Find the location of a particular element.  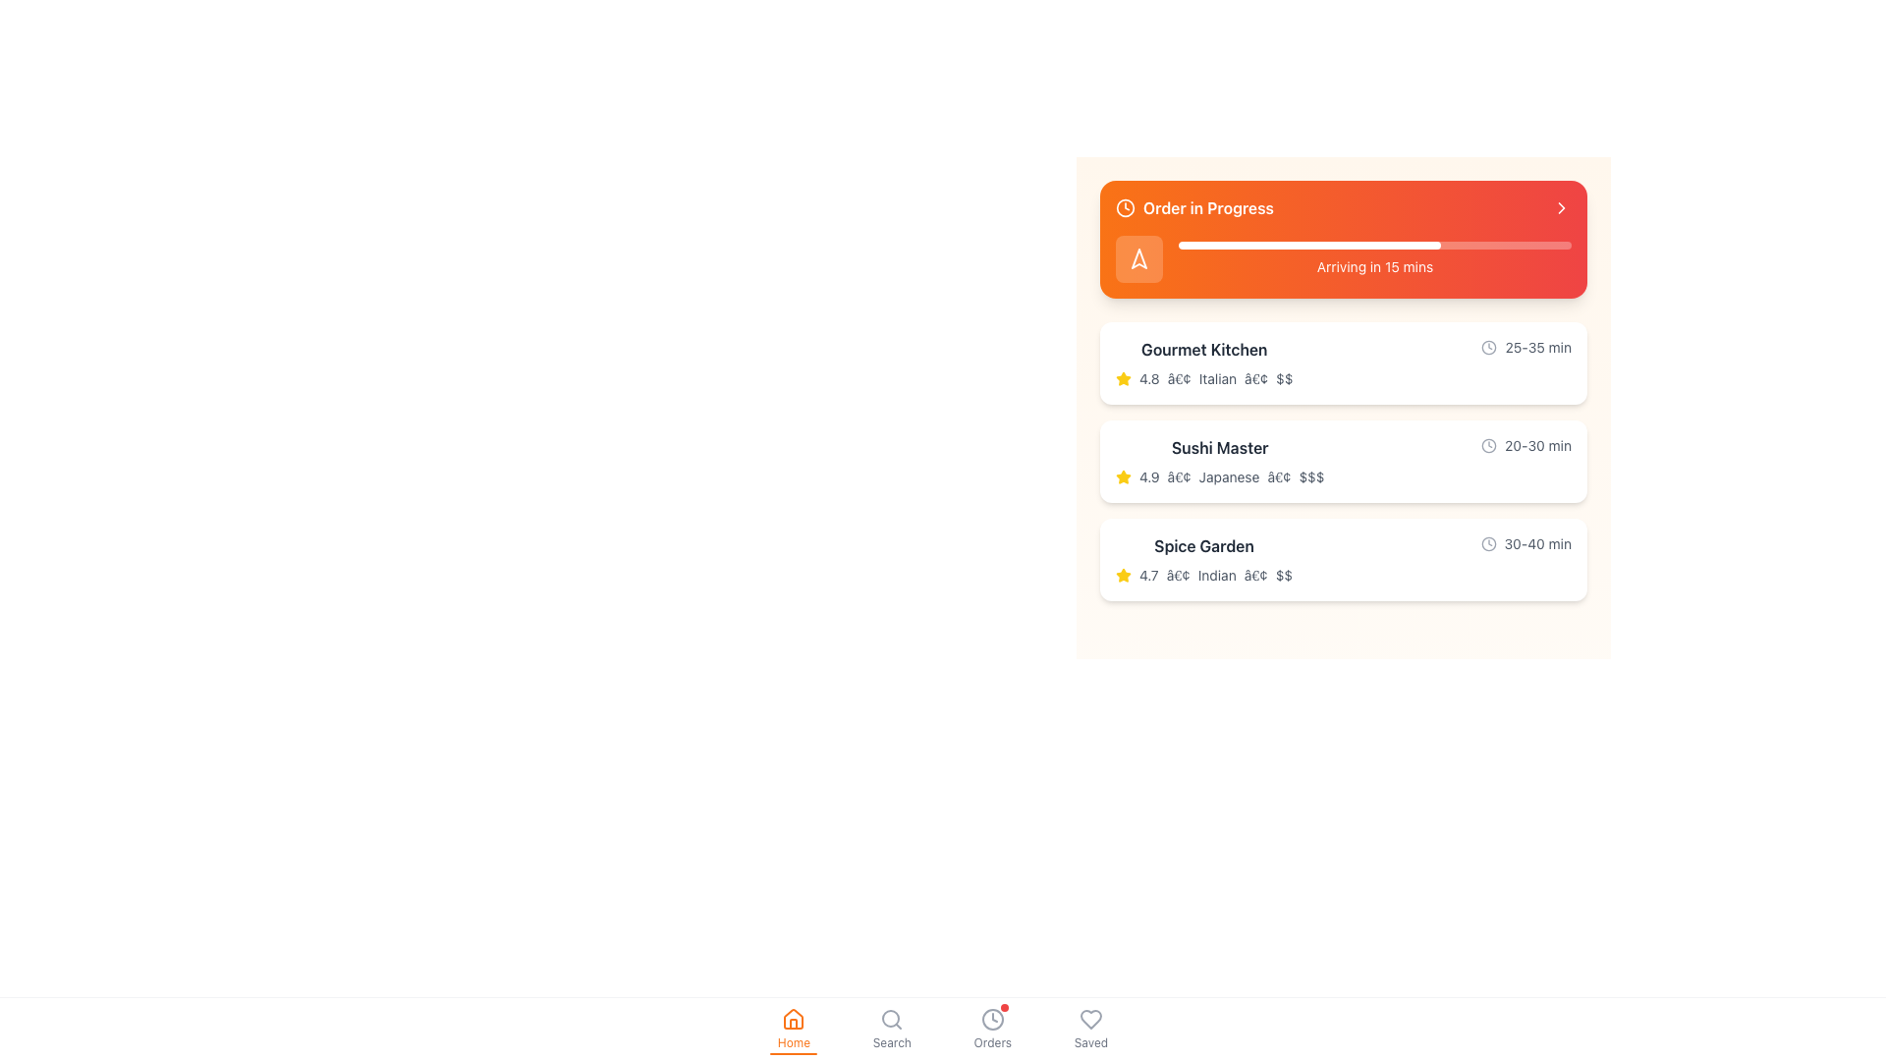

the 'Saved' button, which is the rightmost element in the bottom horizontal bar of the interface is located at coordinates (1089, 1029).